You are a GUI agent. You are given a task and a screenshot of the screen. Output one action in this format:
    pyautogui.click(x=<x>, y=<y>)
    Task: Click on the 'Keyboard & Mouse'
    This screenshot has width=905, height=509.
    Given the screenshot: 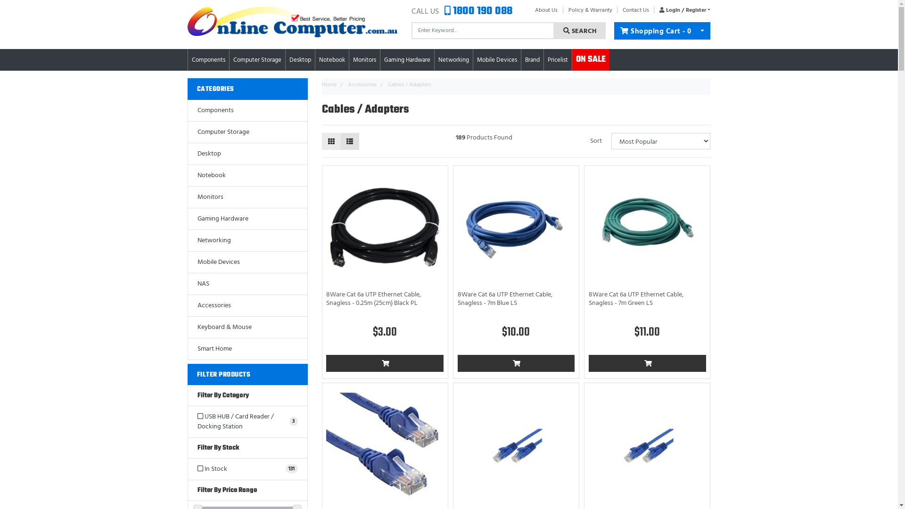 What is the action you would take?
    pyautogui.click(x=247, y=327)
    